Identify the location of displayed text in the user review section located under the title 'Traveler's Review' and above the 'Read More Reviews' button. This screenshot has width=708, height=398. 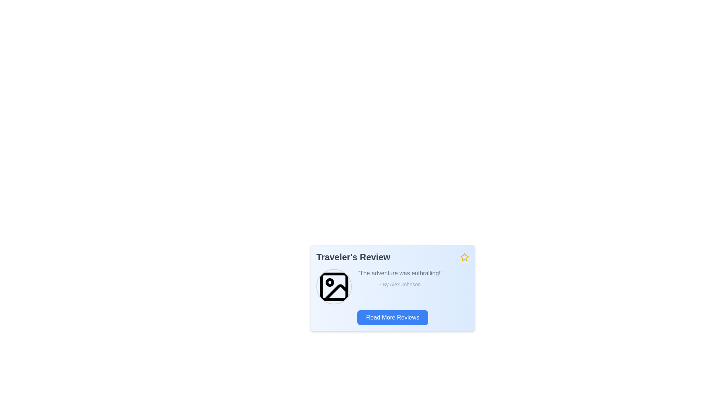
(392, 286).